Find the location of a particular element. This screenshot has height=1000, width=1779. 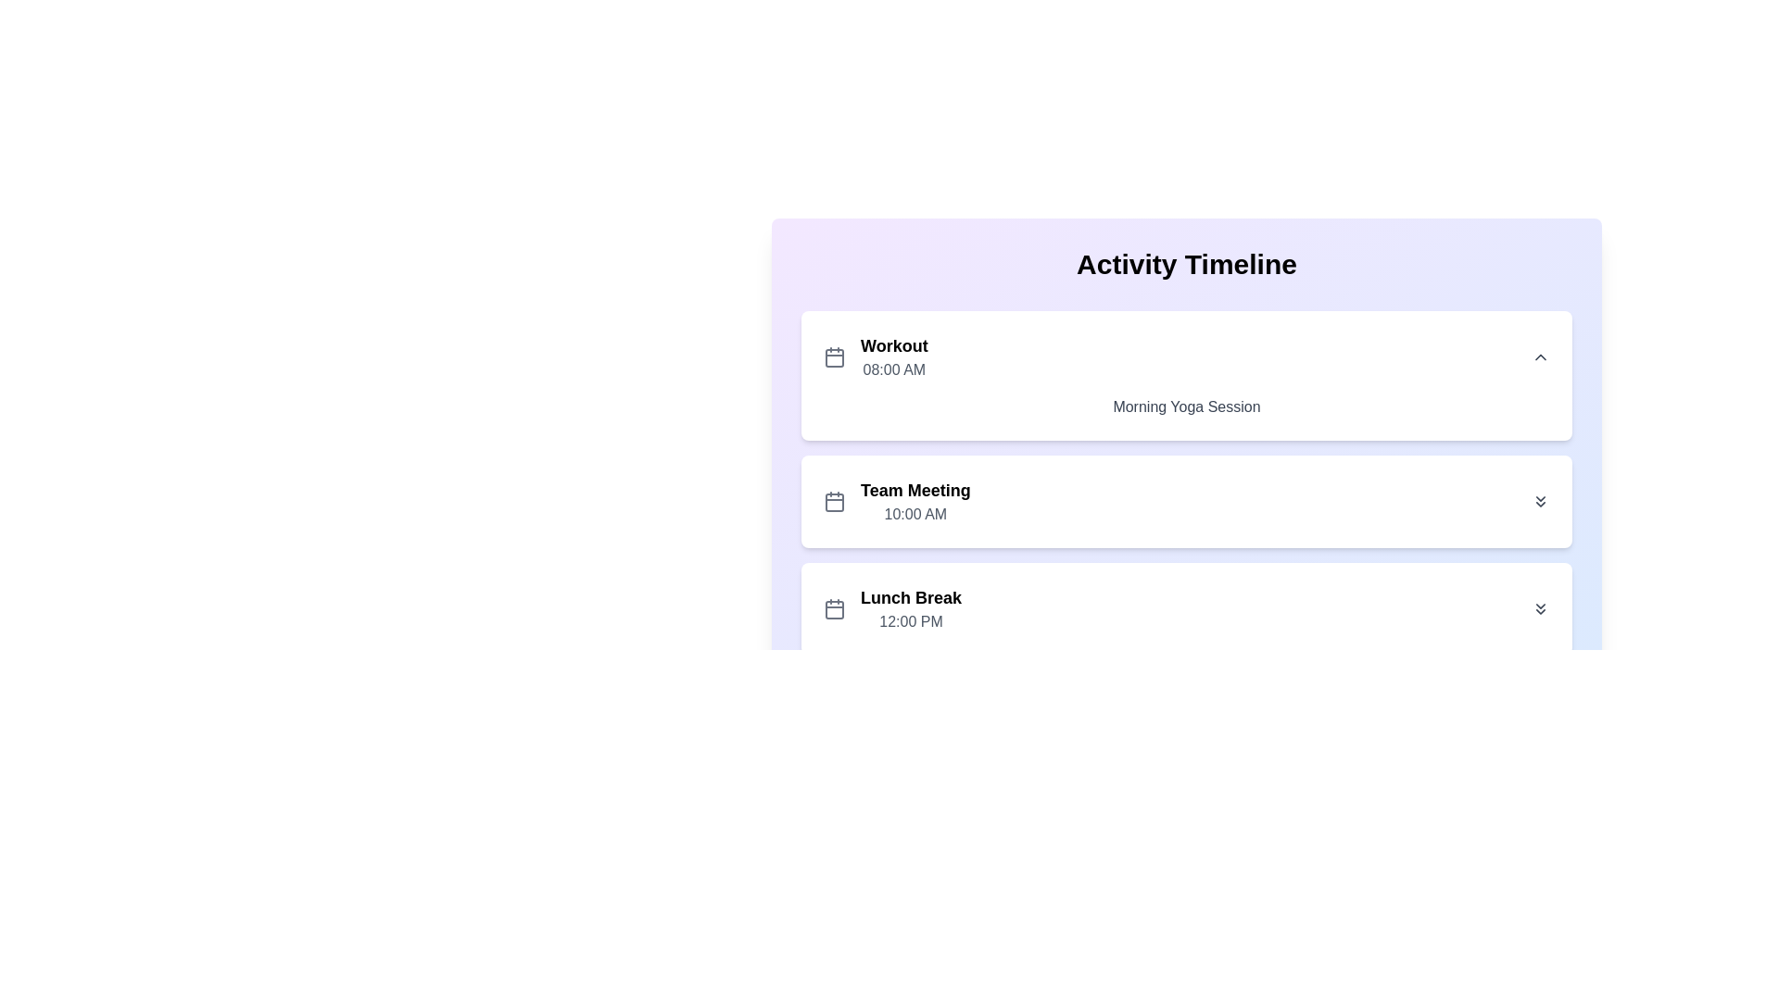

the decorative calendar icon located at the top-left corner of the 'Team Meeting' timeline entry is located at coordinates (834, 502).